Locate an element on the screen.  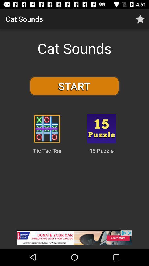
tic tac toe is located at coordinates (47, 129).